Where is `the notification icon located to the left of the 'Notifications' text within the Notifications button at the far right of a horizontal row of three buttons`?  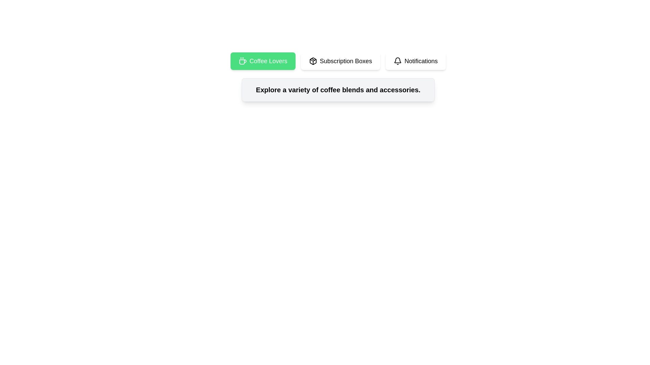 the notification icon located to the left of the 'Notifications' text within the Notifications button at the far right of a horizontal row of three buttons is located at coordinates (397, 61).